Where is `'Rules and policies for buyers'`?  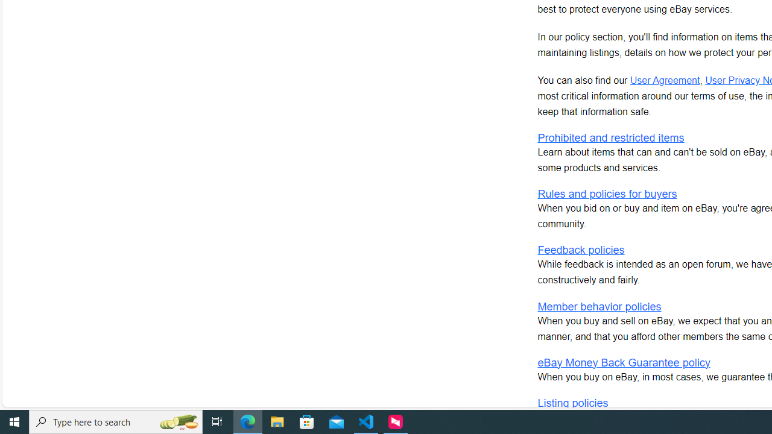 'Rules and policies for buyers' is located at coordinates (607, 193).